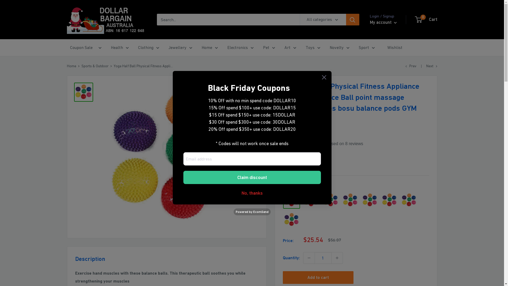 The width and height of the screenshot is (508, 286). What do you see at coordinates (366, 48) in the screenshot?
I see `'Sport'` at bounding box center [366, 48].